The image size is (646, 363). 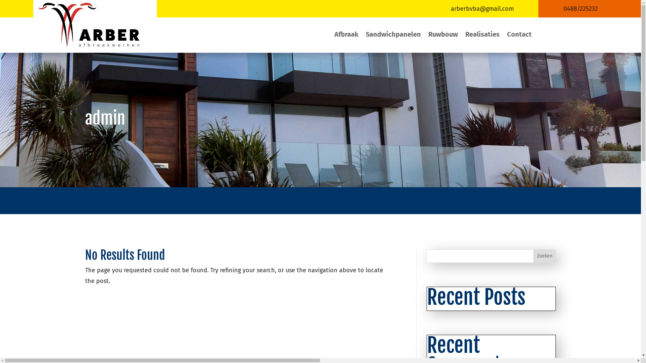 What do you see at coordinates (519, 35) in the screenshot?
I see `'Contact'` at bounding box center [519, 35].